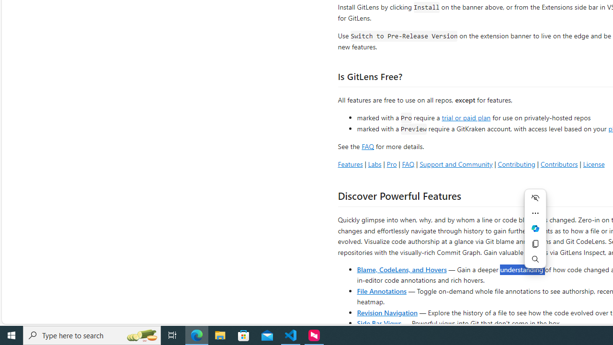 The height and width of the screenshot is (345, 613). Describe the element at coordinates (535, 243) in the screenshot. I see `'Copy'` at that location.